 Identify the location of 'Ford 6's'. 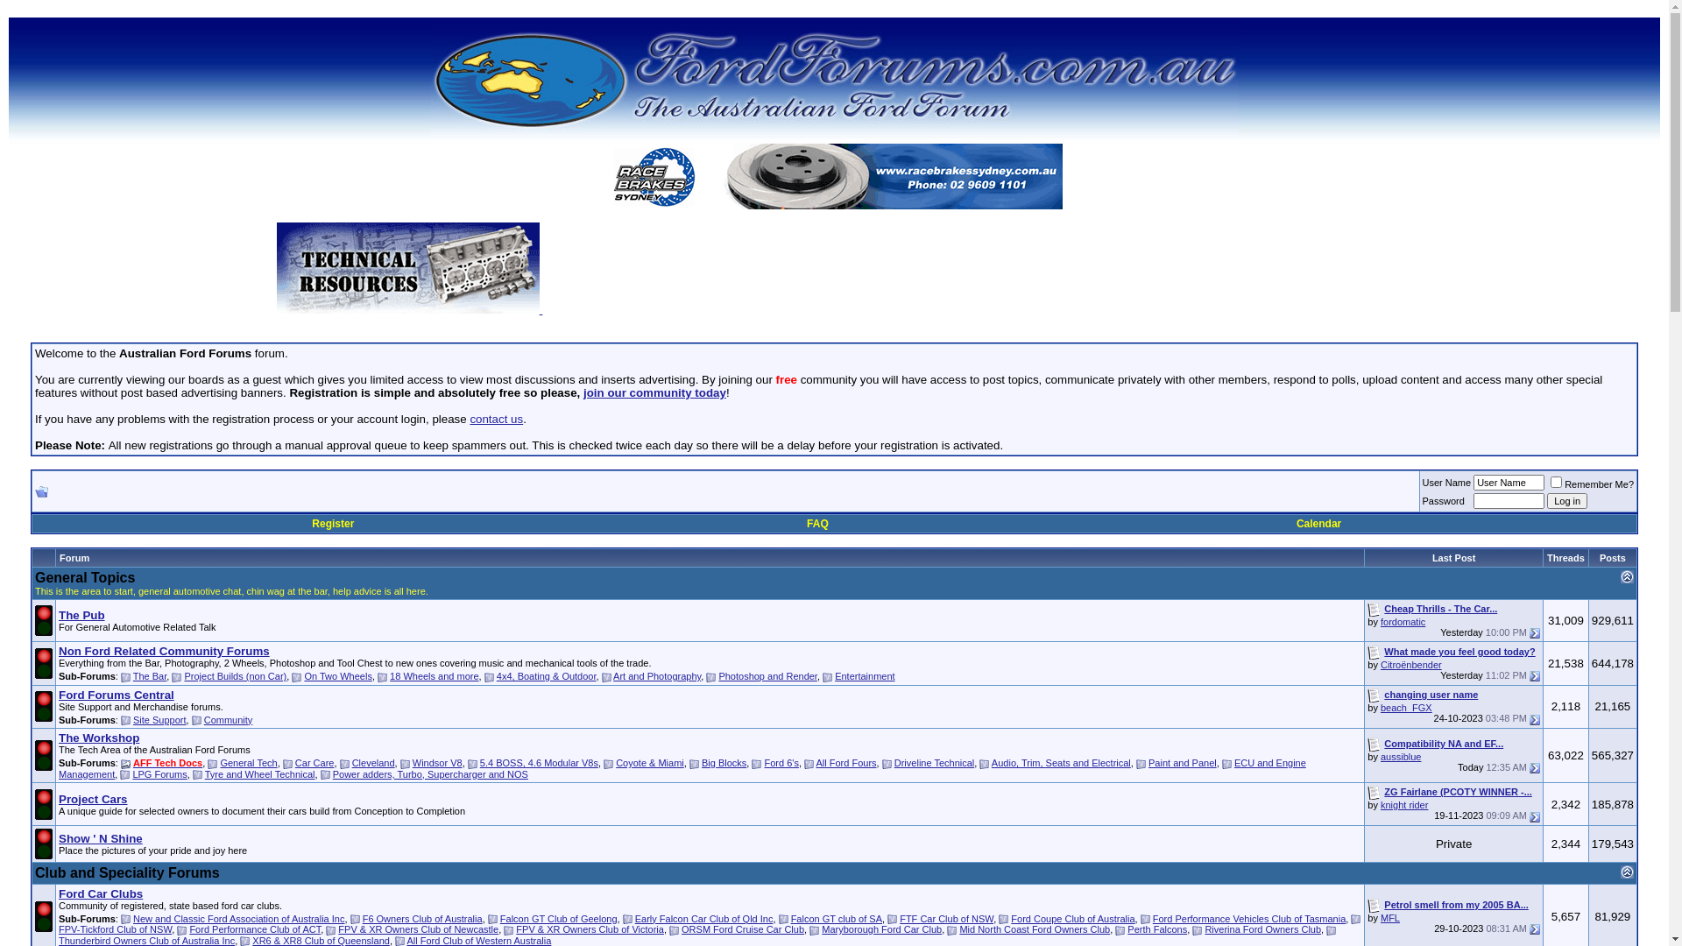
(781, 762).